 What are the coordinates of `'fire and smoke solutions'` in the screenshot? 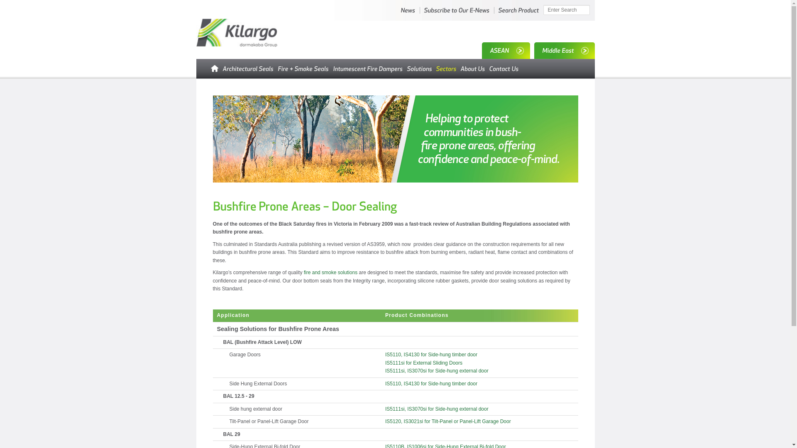 It's located at (330, 272).